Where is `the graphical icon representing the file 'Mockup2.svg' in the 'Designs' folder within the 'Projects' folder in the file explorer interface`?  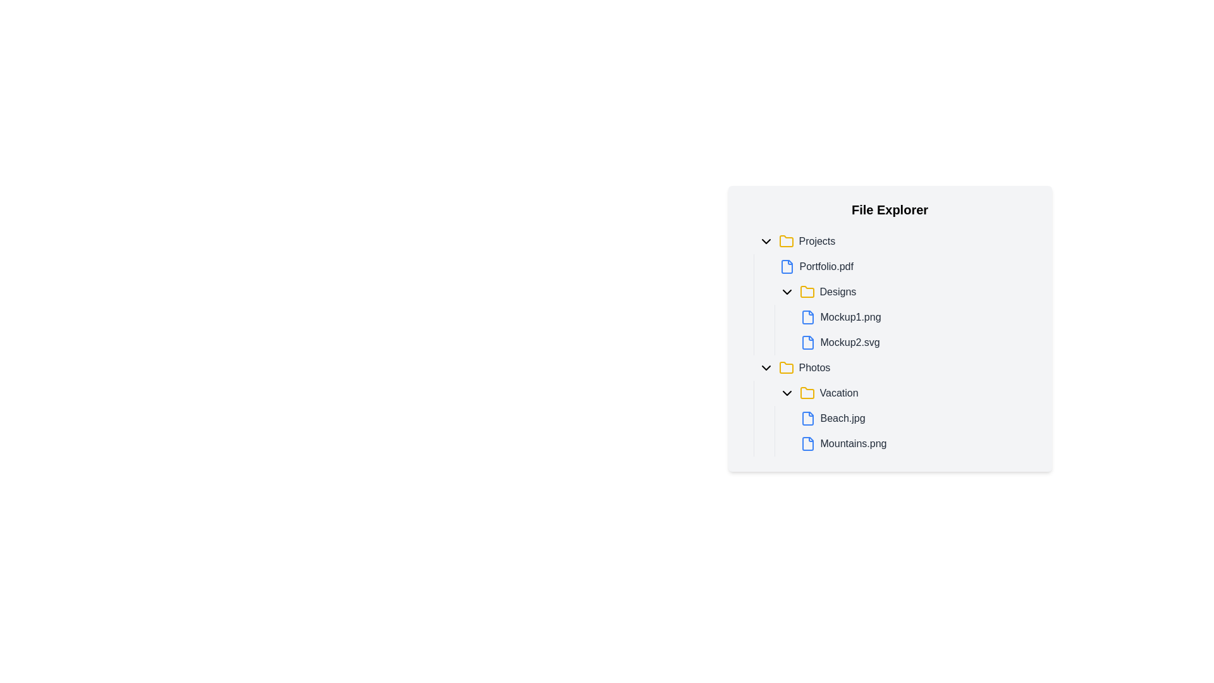 the graphical icon representing the file 'Mockup2.svg' in the 'Designs' folder within the 'Projects' folder in the file explorer interface is located at coordinates (807, 343).